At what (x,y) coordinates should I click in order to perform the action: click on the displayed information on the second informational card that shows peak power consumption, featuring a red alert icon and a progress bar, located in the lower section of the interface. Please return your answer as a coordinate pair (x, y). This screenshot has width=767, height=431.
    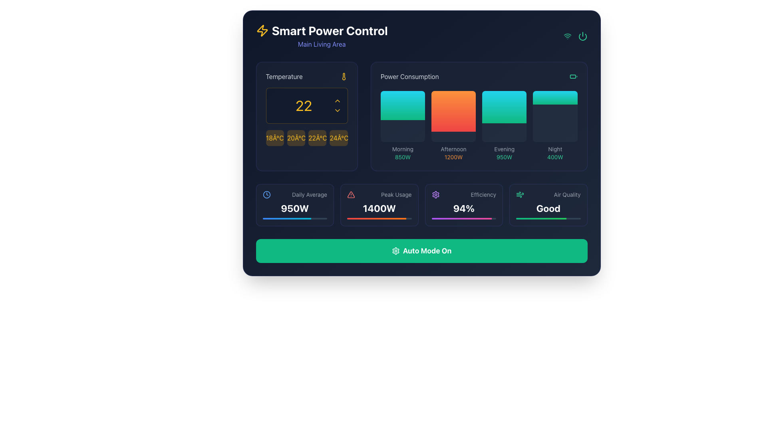
    Looking at the image, I should click on (379, 204).